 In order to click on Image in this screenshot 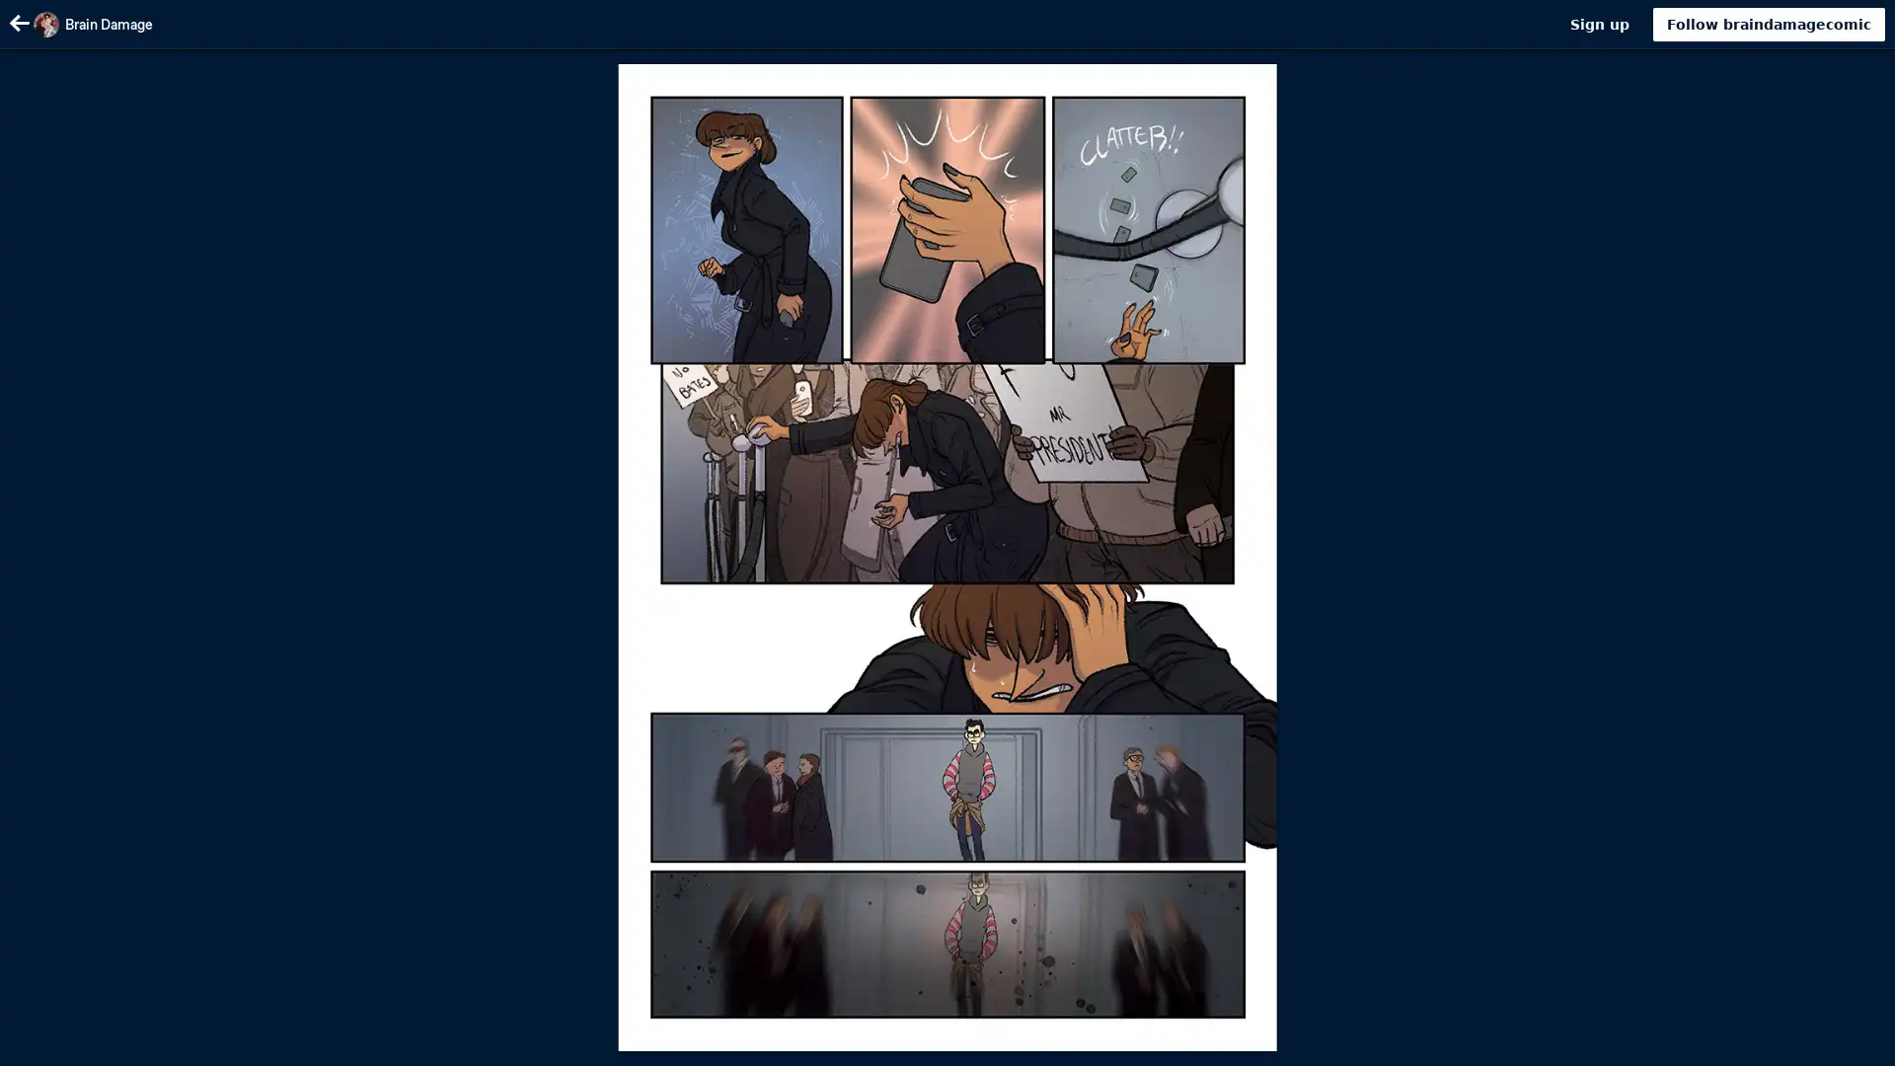, I will do `click(947, 557)`.